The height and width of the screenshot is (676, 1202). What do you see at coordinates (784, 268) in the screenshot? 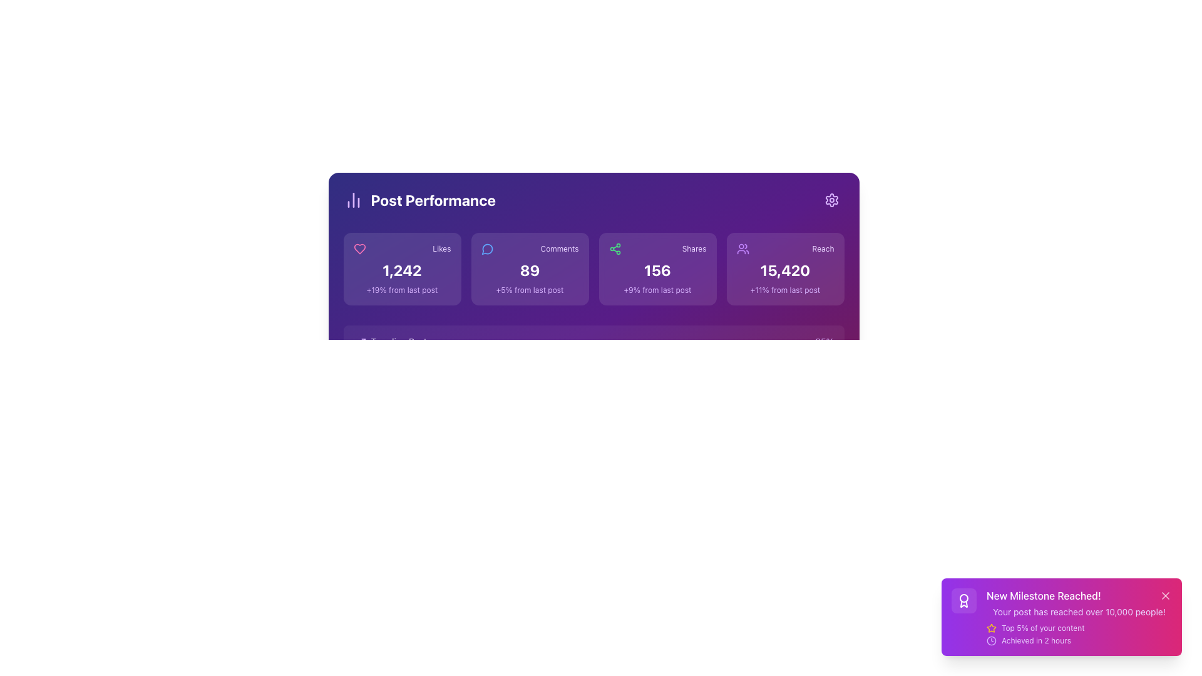
I see `the 'Reach' performance metrics card, which is the rightmost card in a grid of four cards labeled 'Likes', 'Comments', 'Shares', and 'Reach'` at bounding box center [784, 268].